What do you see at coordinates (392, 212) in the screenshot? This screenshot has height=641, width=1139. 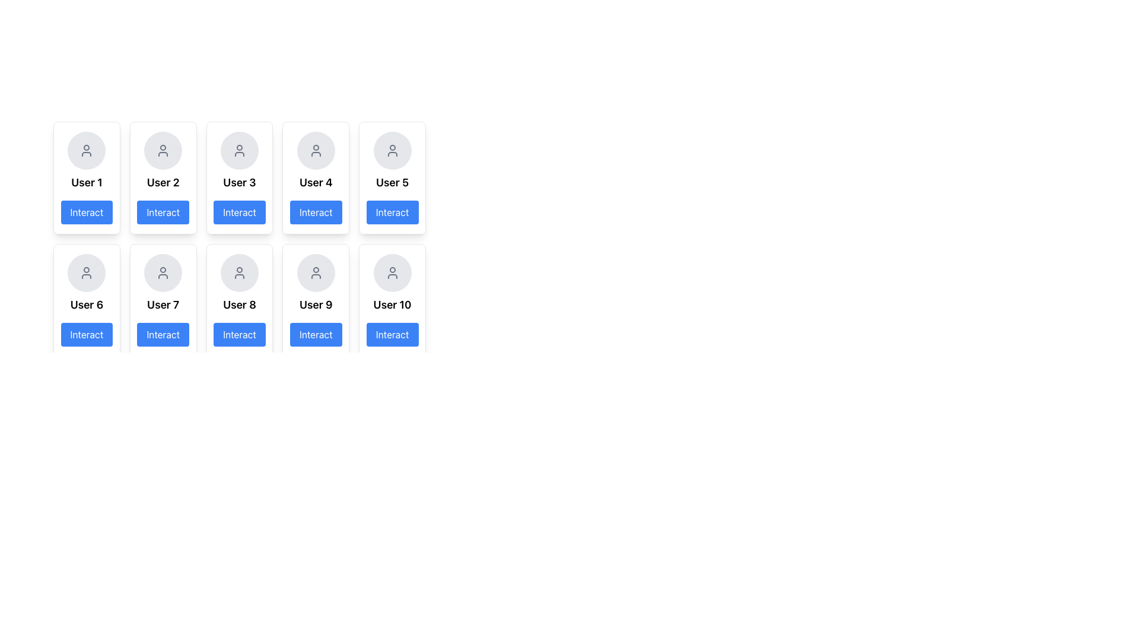 I see `the button located in the lower part of the card labeled 'User 5', which is positioned in the first row and fifth column of a 2x5 grid layout` at bounding box center [392, 212].